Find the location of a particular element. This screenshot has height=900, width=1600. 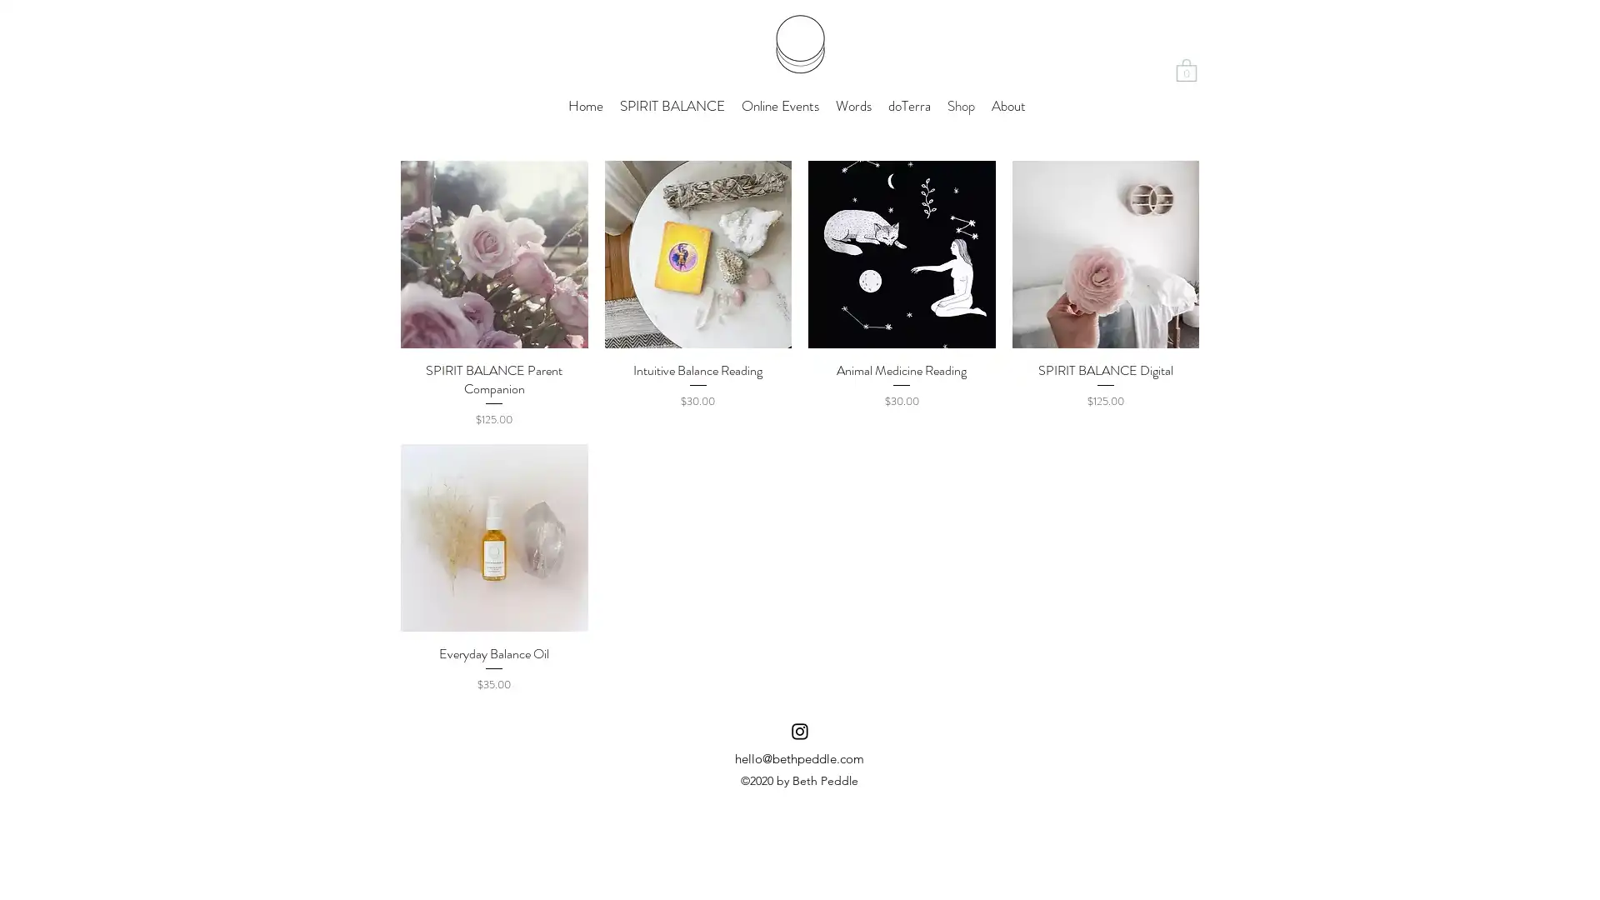

Quick View is located at coordinates (1105, 367).